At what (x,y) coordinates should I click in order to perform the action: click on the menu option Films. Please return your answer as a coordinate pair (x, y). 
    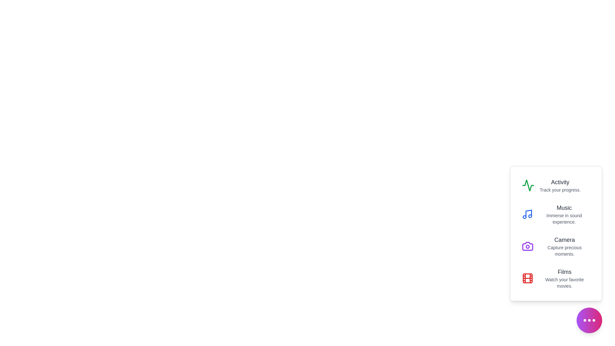
    Looking at the image, I should click on (556, 278).